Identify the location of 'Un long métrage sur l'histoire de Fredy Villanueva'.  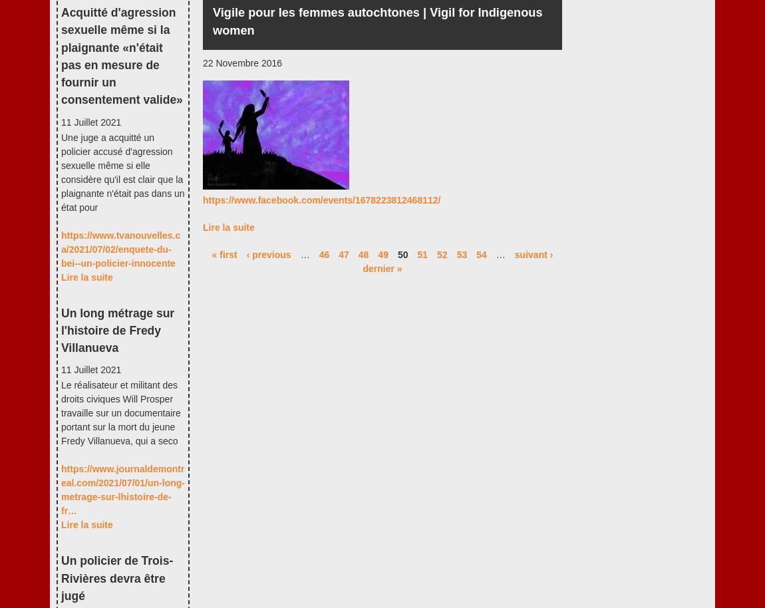
(116, 330).